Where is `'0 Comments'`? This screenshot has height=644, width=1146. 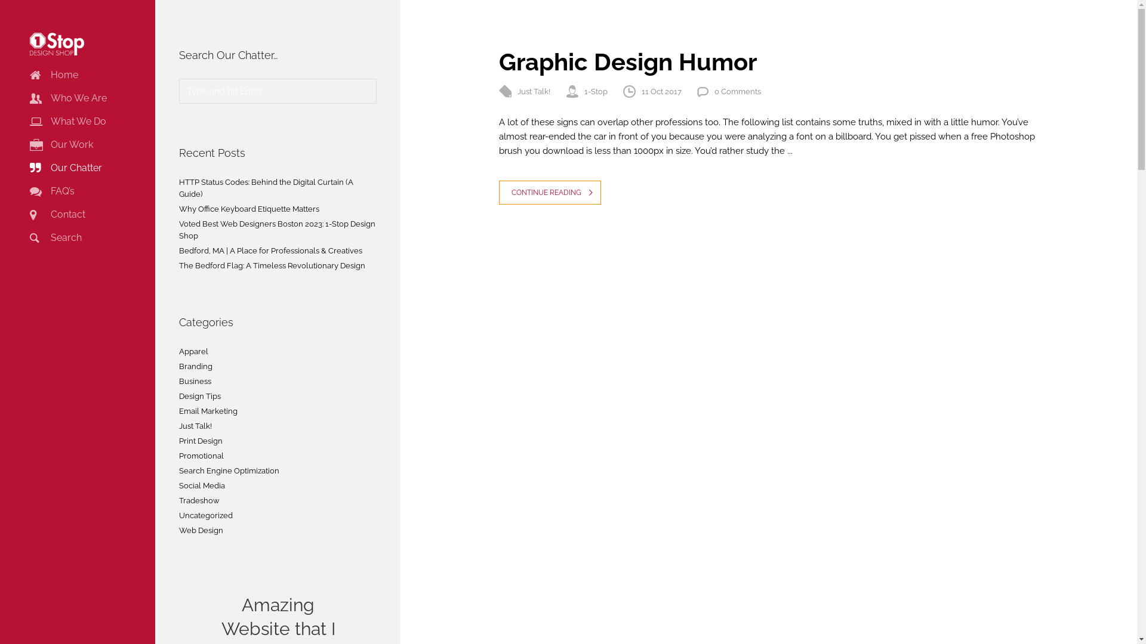 '0 Comments' is located at coordinates (737, 91).